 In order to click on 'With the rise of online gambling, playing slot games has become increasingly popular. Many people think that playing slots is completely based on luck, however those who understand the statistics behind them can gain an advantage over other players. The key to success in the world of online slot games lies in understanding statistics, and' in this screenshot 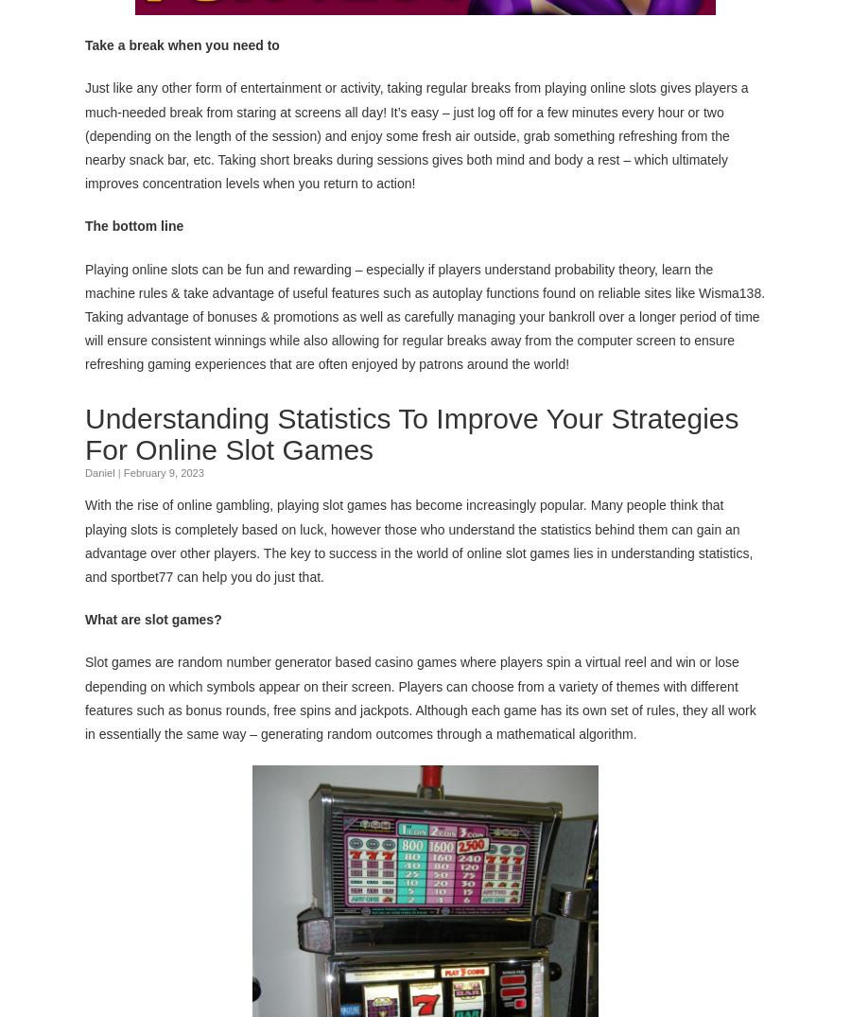, I will do `click(418, 539)`.